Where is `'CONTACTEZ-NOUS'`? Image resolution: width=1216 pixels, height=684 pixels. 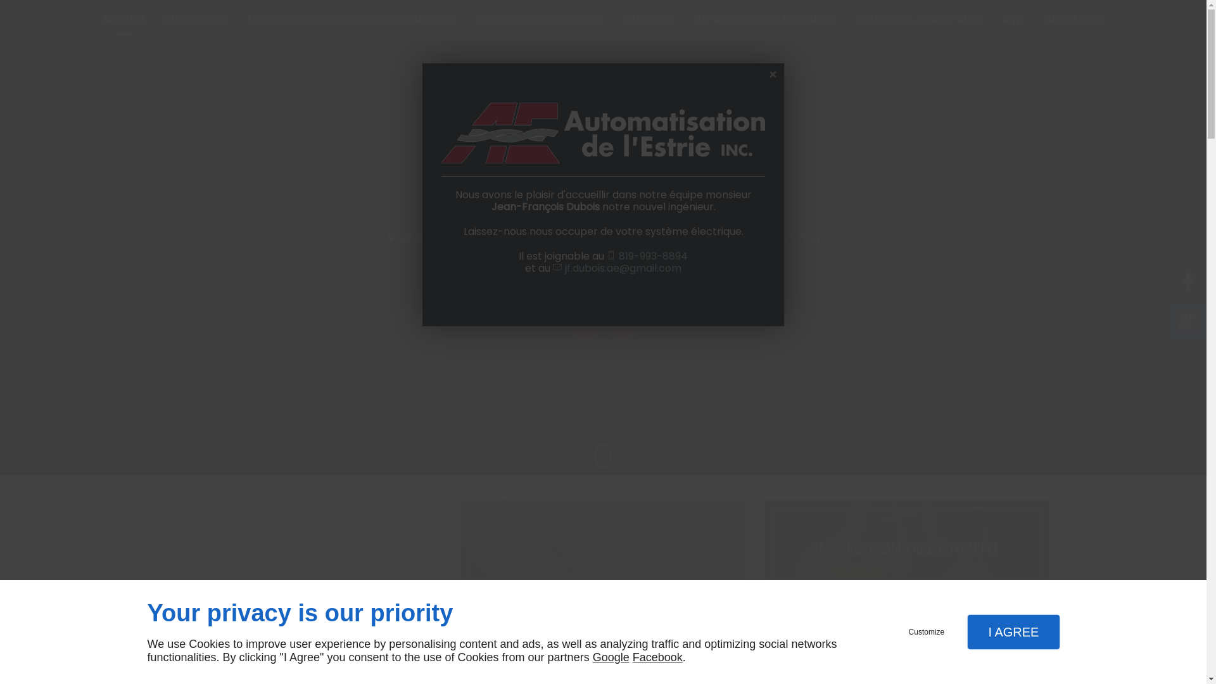 'CONTACTEZ-NOUS' is located at coordinates (620, 275).